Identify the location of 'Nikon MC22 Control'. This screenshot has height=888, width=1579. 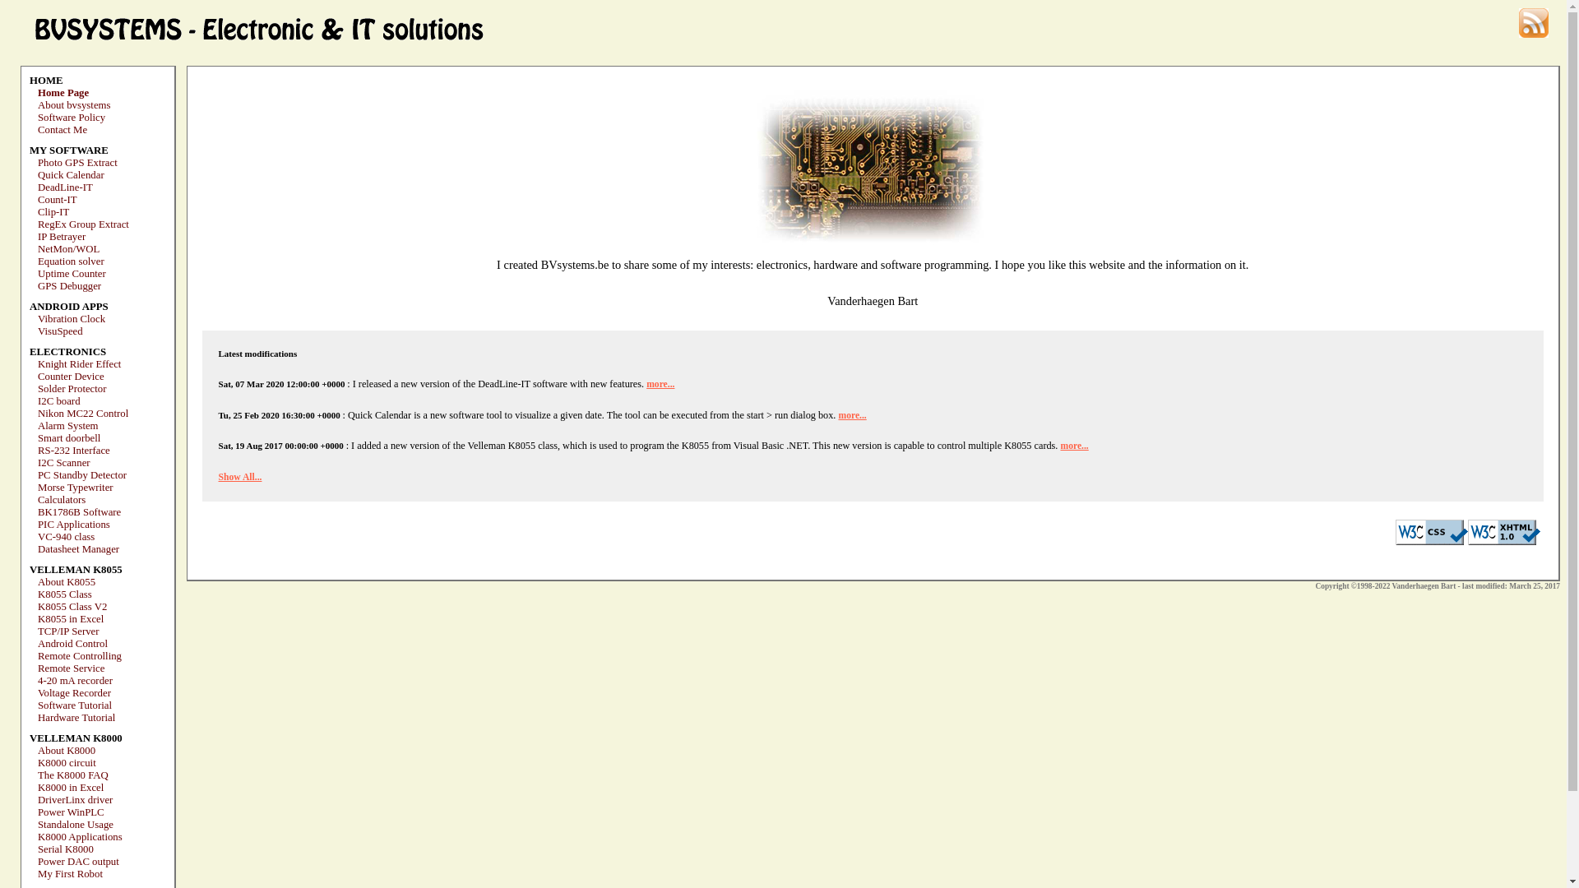
(81, 412).